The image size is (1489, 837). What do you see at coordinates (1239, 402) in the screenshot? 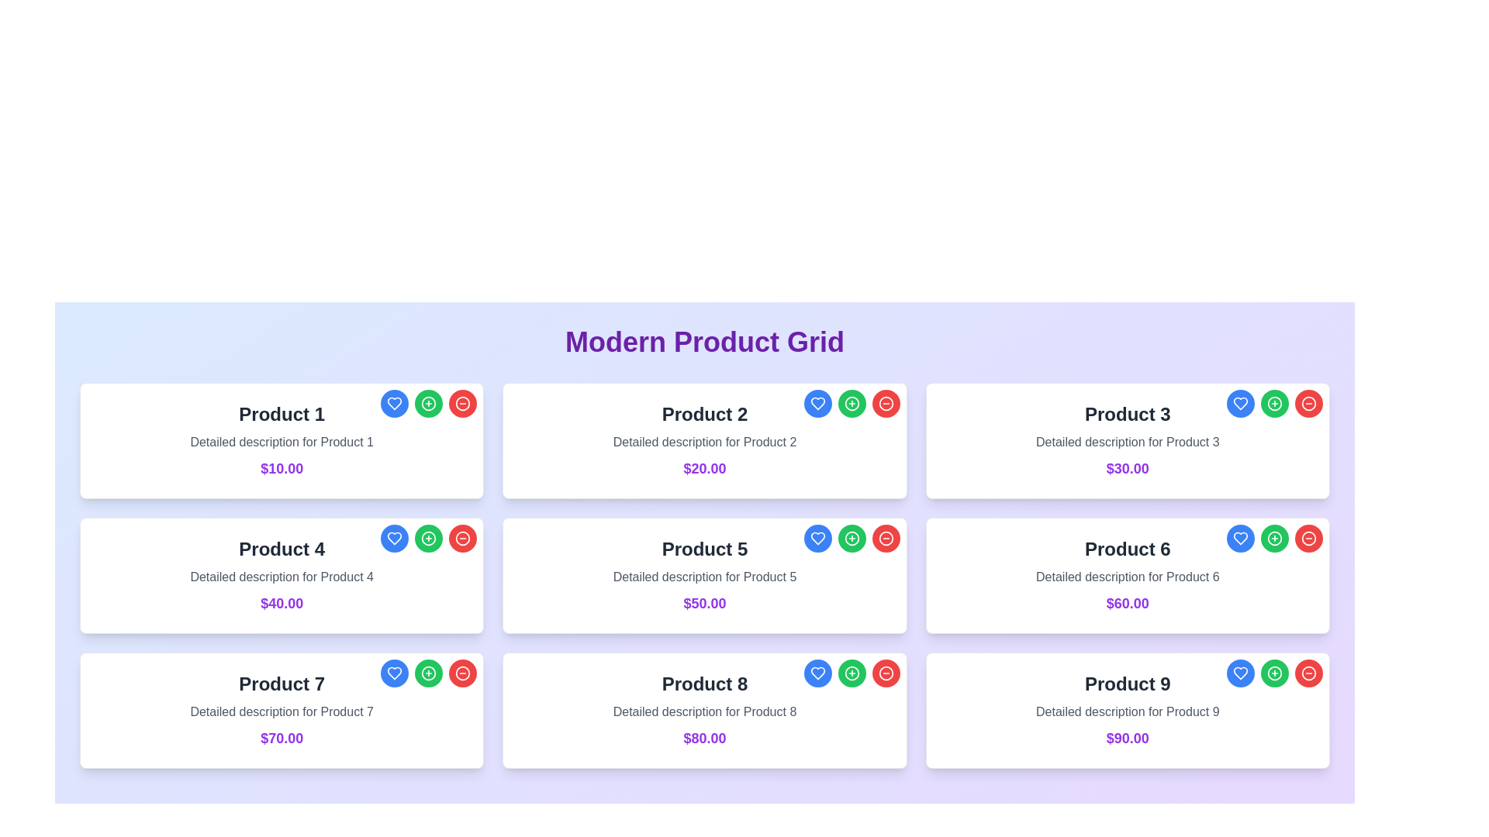
I see `the heart-shaped icon button outlined in blue, located at the leftmost position of three buttons in the top-right corner of the card for 'Product 3'` at bounding box center [1239, 402].